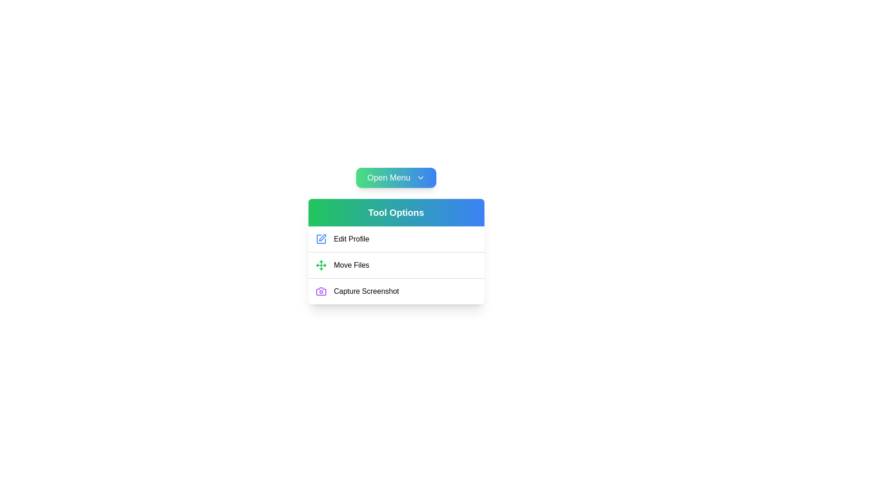 The height and width of the screenshot is (495, 880). I want to click on the second menu option labeled 'Move Files' within the dropdown menu 'Tool Options', so click(396, 251).